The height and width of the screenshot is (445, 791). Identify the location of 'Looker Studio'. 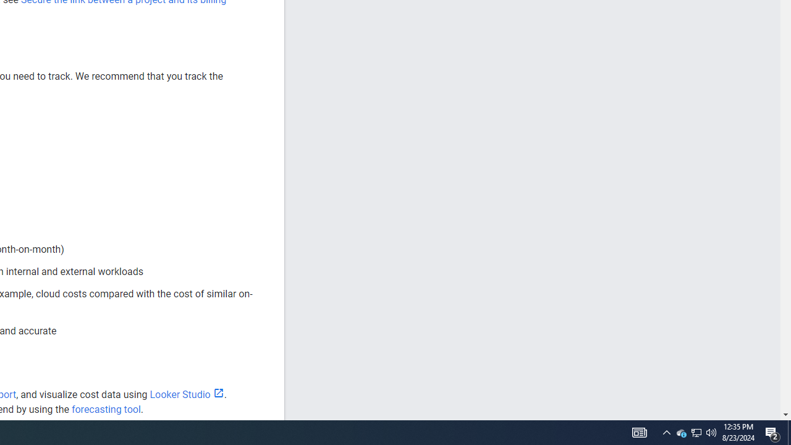
(186, 394).